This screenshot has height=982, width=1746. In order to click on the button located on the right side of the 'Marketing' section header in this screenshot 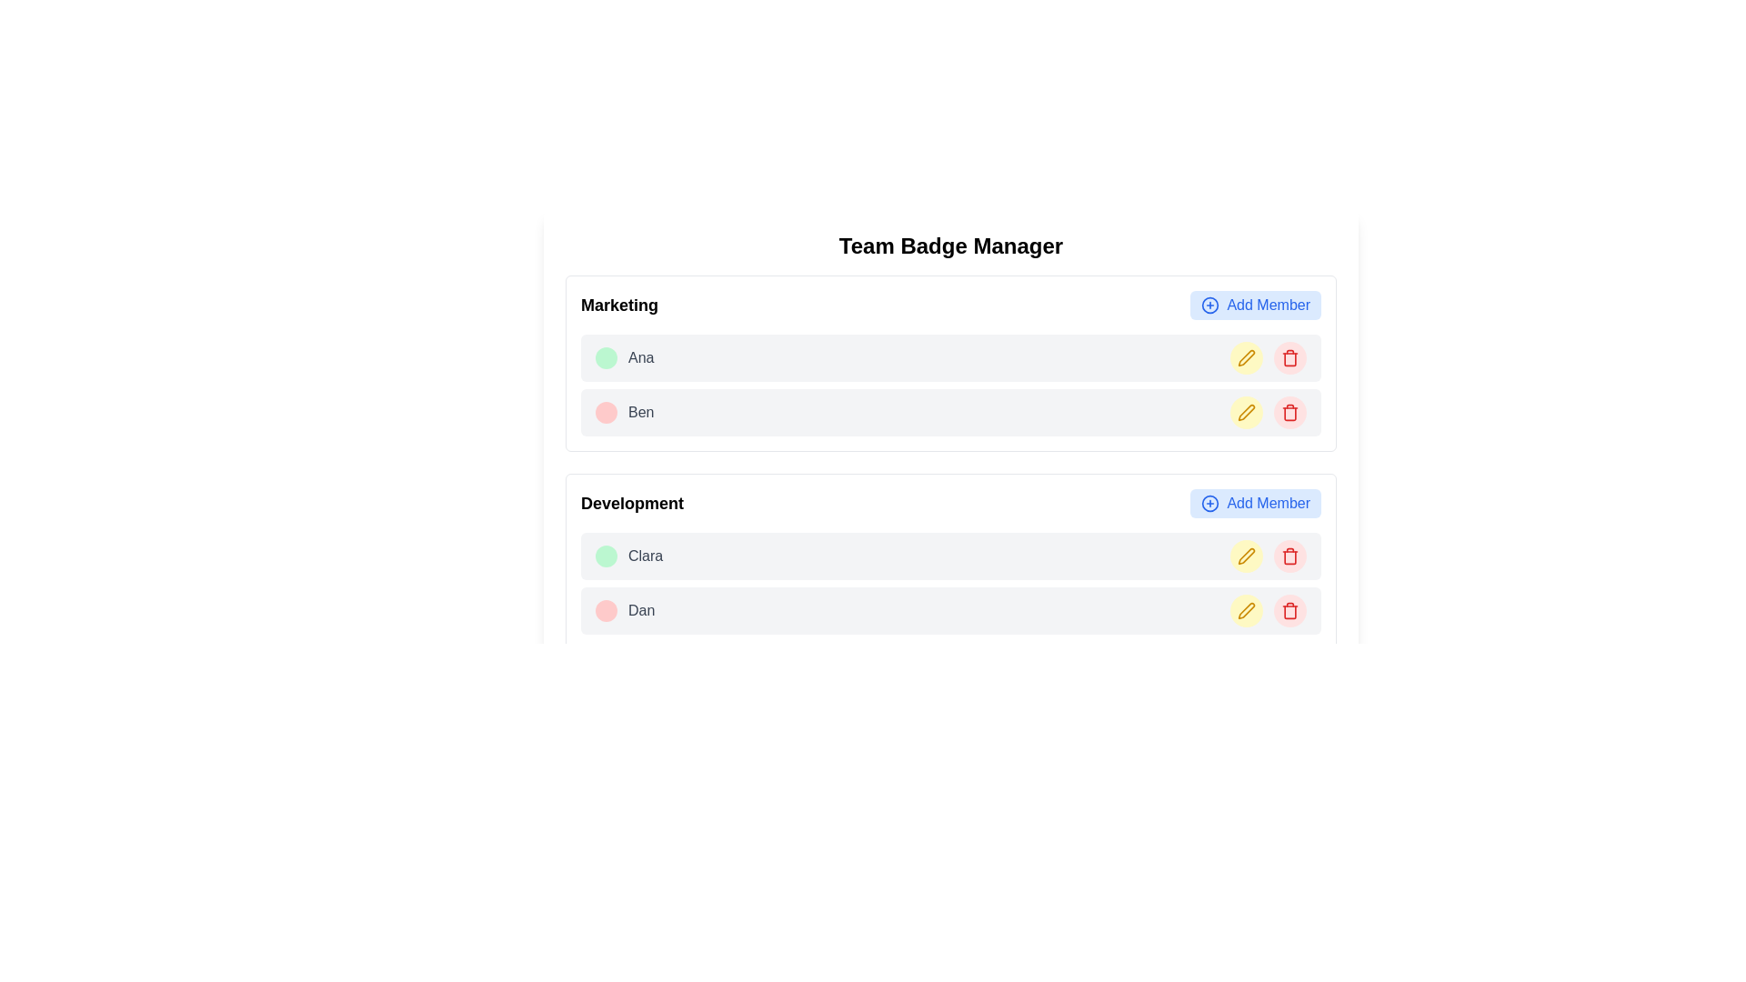, I will do `click(1255, 304)`.